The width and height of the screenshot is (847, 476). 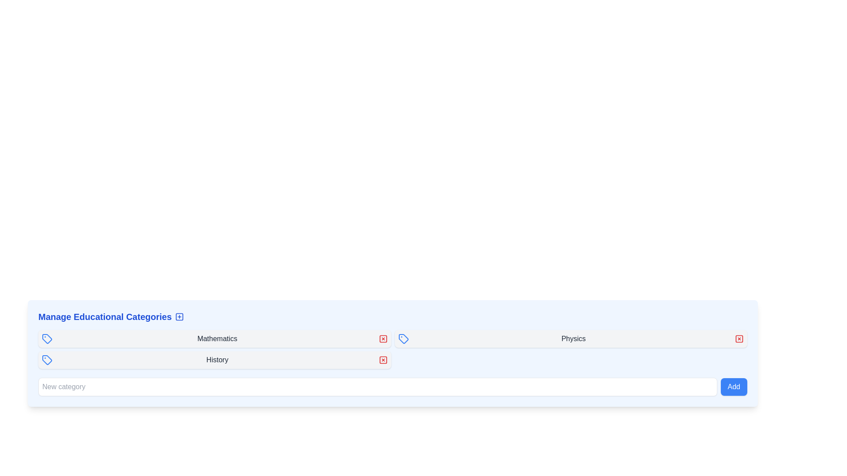 What do you see at coordinates (383, 338) in the screenshot?
I see `the graphic element of the delete icon located within the red square next to the 'Mathematics' item in the educational category management interface` at bounding box center [383, 338].